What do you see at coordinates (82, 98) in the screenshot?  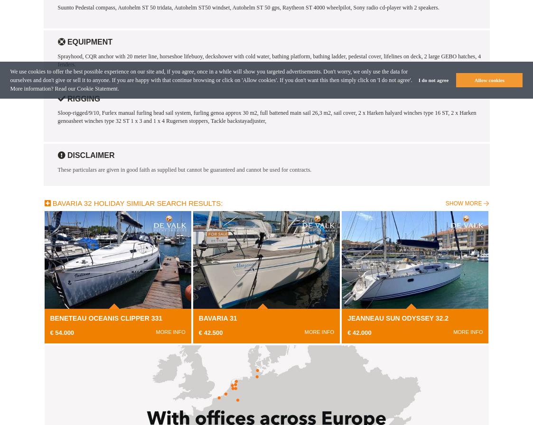 I see `'Rigging'` at bounding box center [82, 98].